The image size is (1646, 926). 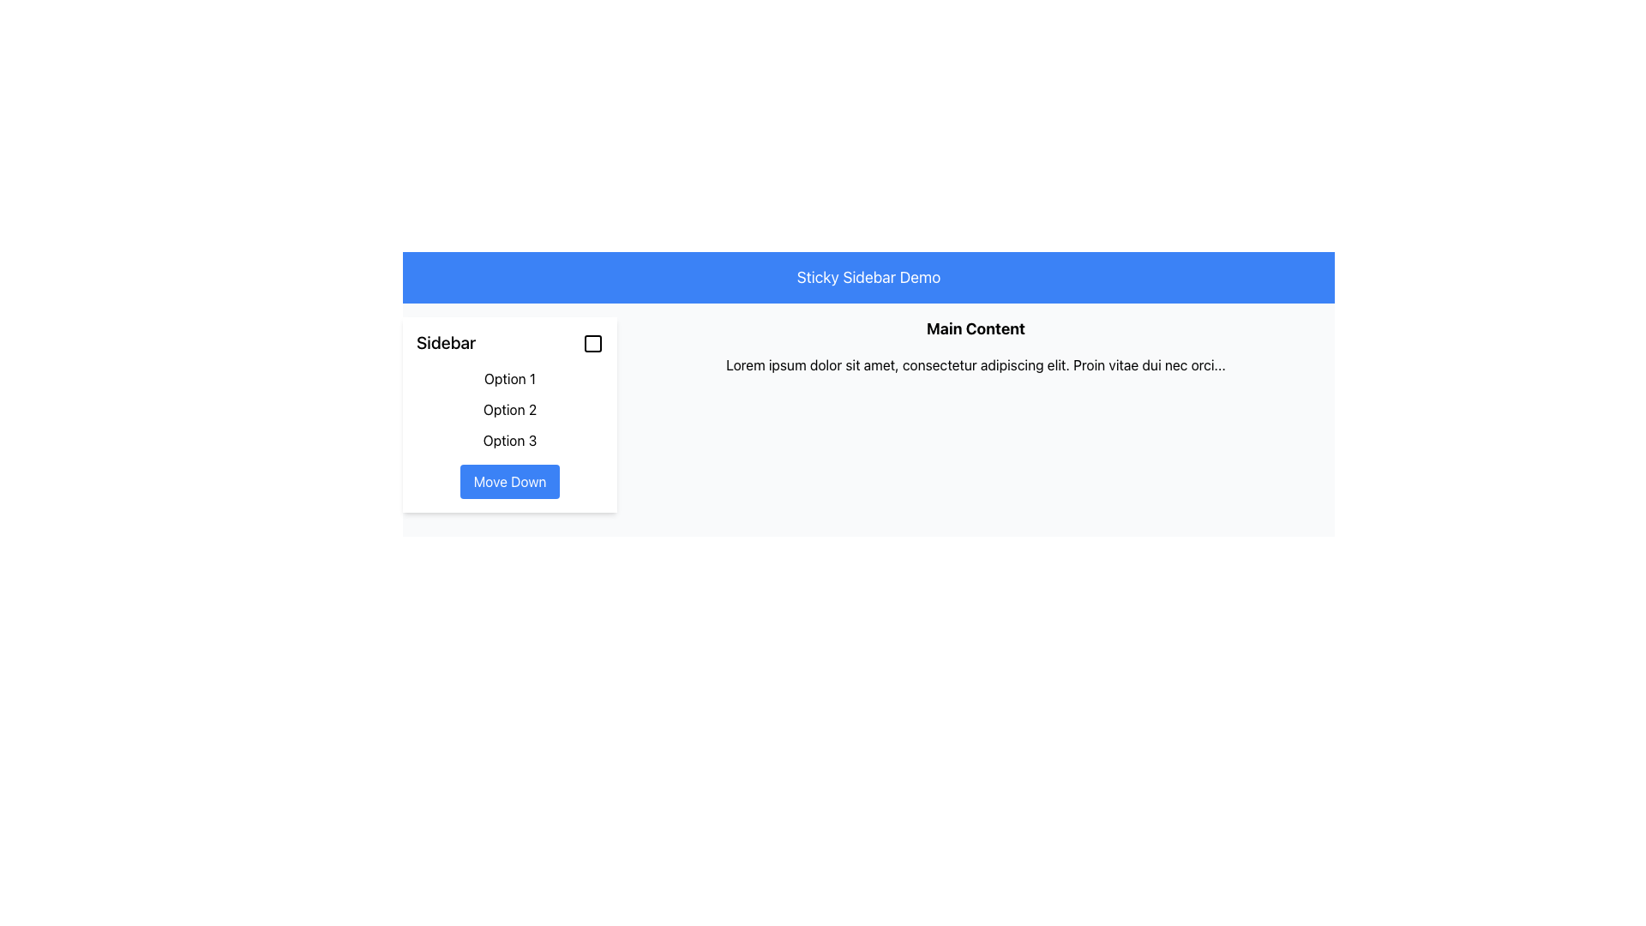 I want to click on the list of linked text items located in the sidebar beneath the title 'Sidebar' and above the 'Move Down' button, so click(x=509, y=410).